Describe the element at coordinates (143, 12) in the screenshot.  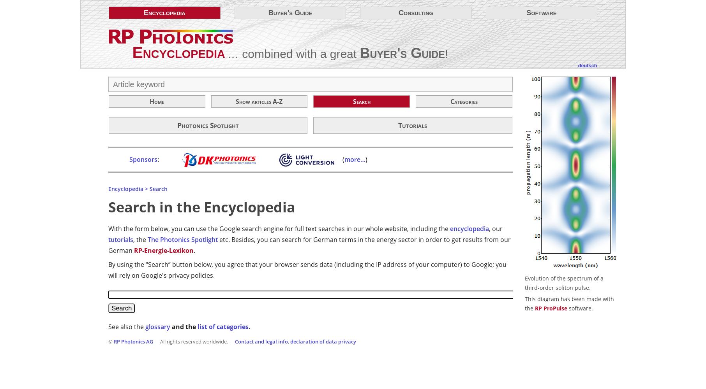
I see `'Encyclo­pedia'` at that location.